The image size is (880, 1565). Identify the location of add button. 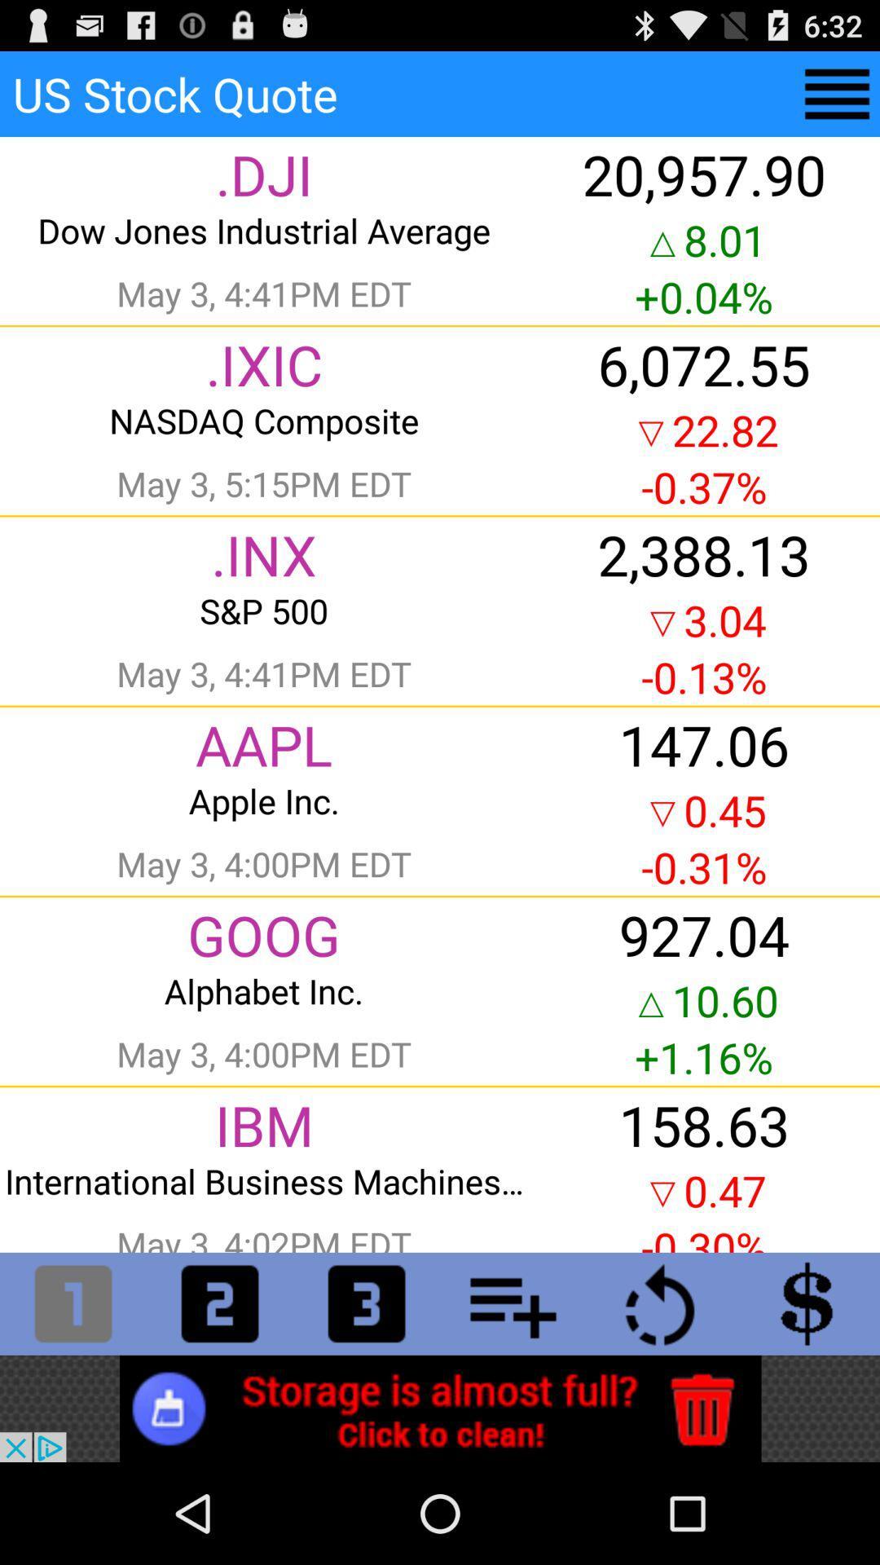
(512, 1303).